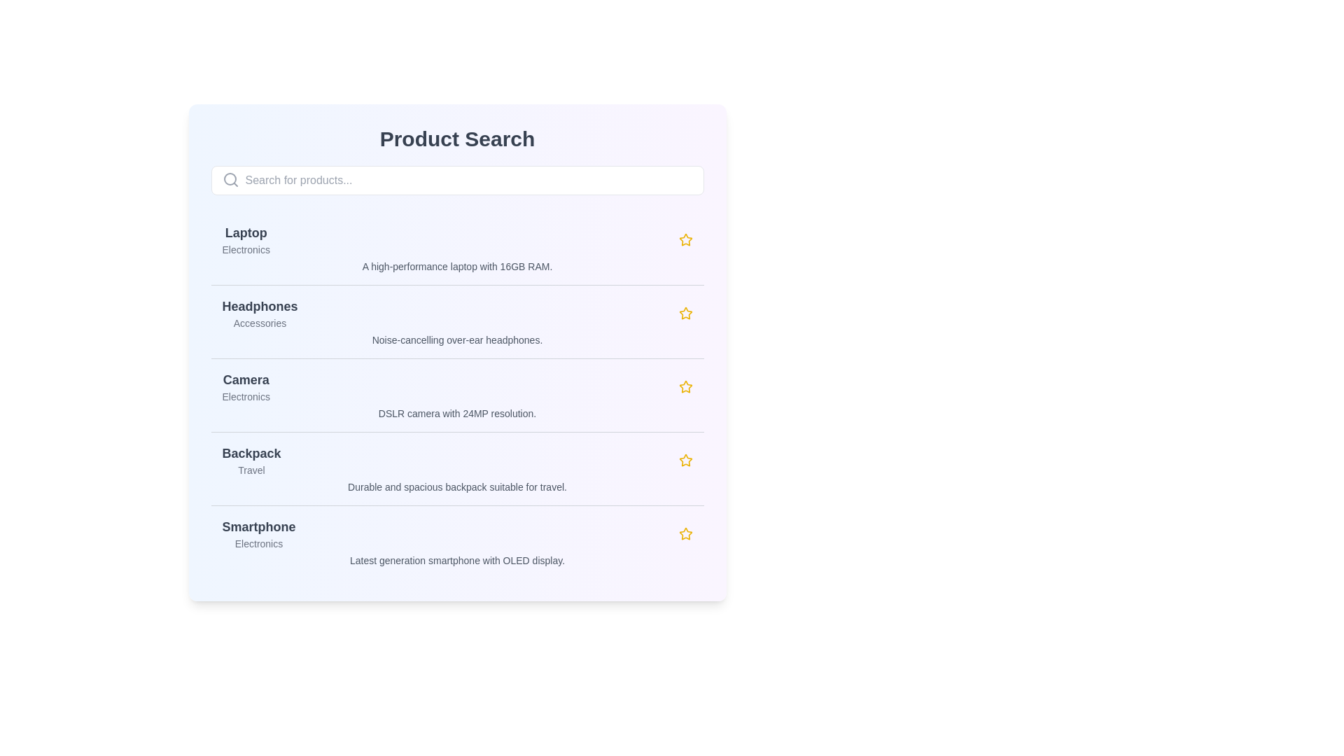  I want to click on the non-interactive Text label that serves as the primary descriptor for a product listing in the catalog, located towards the lower-middle part of the interface, so click(258, 526).